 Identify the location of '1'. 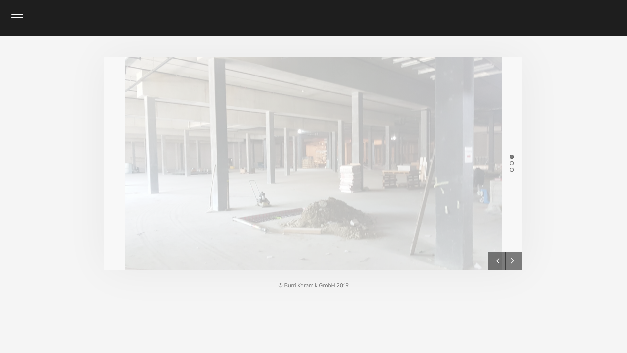
(511, 156).